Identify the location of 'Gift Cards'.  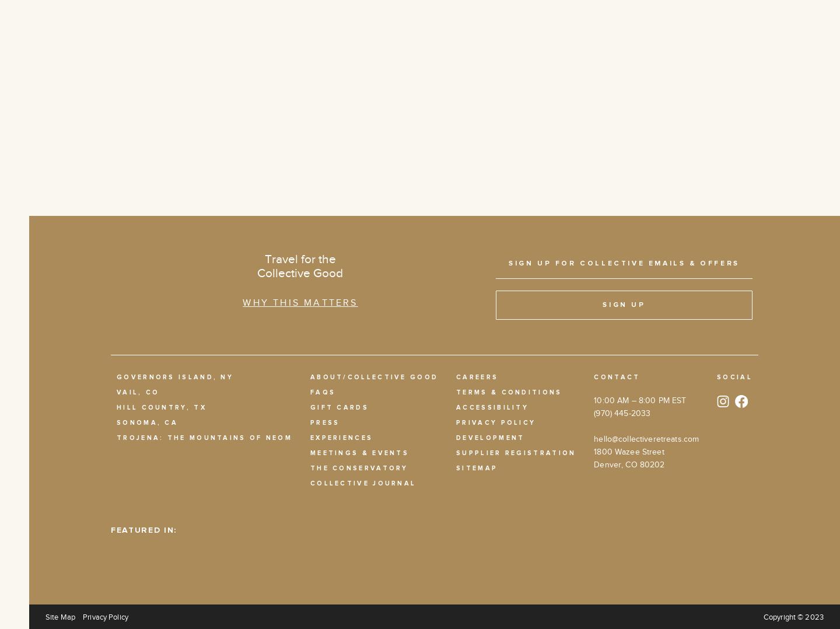
(339, 406).